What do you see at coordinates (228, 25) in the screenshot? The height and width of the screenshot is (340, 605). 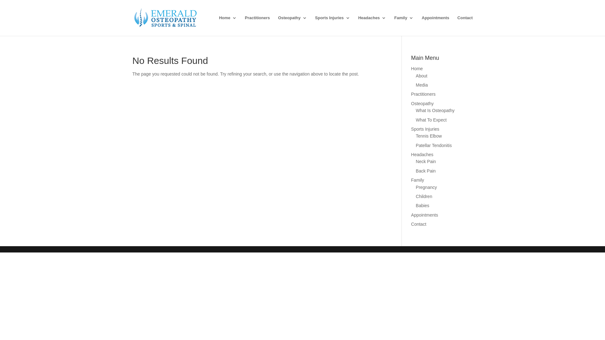 I see `'Home'` at bounding box center [228, 25].